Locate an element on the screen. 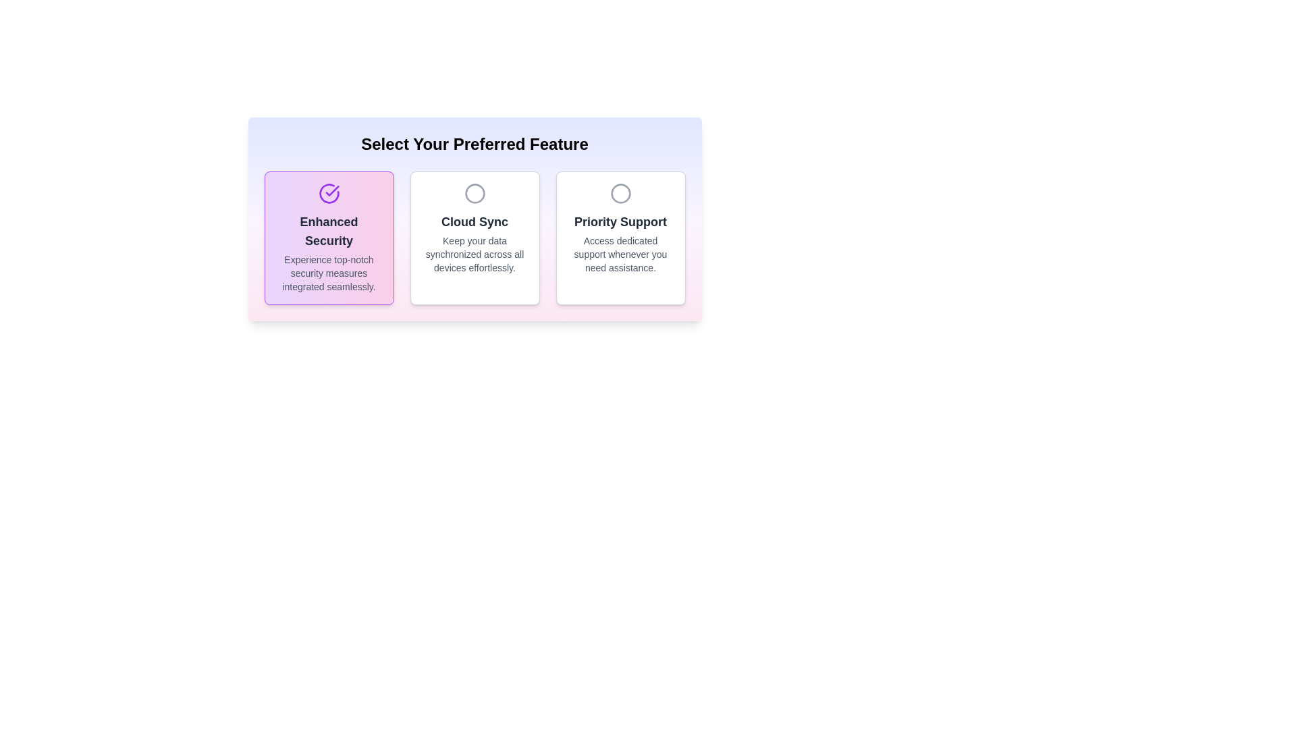  the purple circular icon with a checkmark in the center, located on the 'Enhanced Security' card within the 'Select Your Preferred Feature' interface is located at coordinates (329, 193).